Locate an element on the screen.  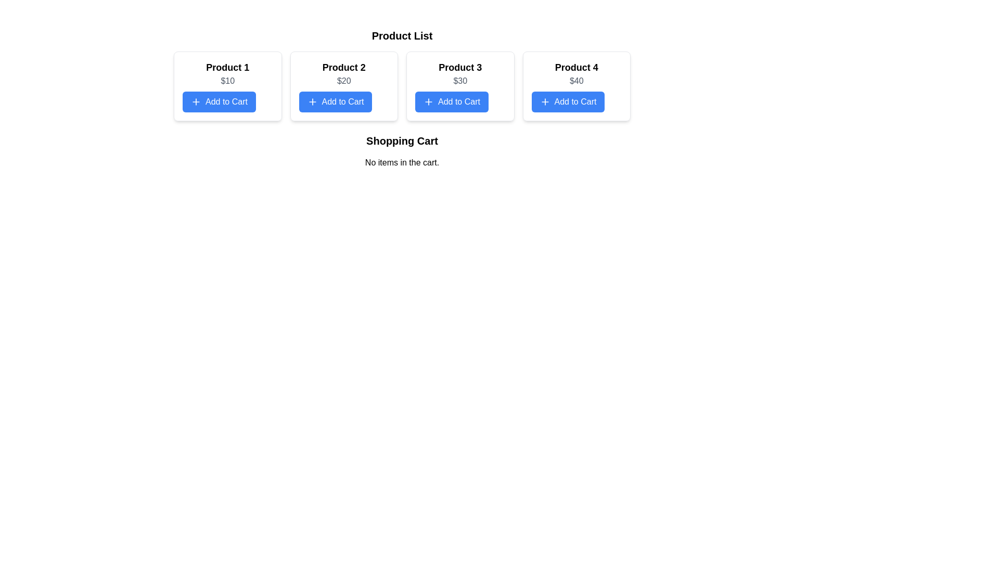
the bold, extra-large text label reading 'Product List', which is centered above the product items grid is located at coordinates (401, 35).